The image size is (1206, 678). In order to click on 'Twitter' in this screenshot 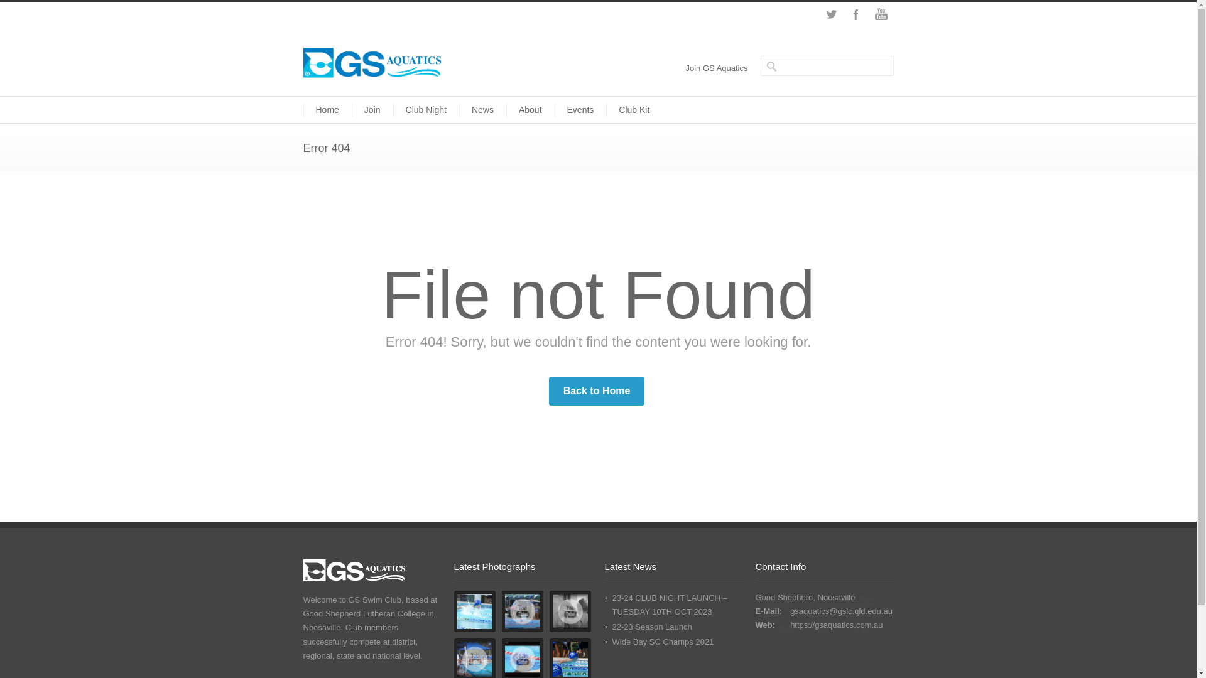, I will do `click(830, 14)`.